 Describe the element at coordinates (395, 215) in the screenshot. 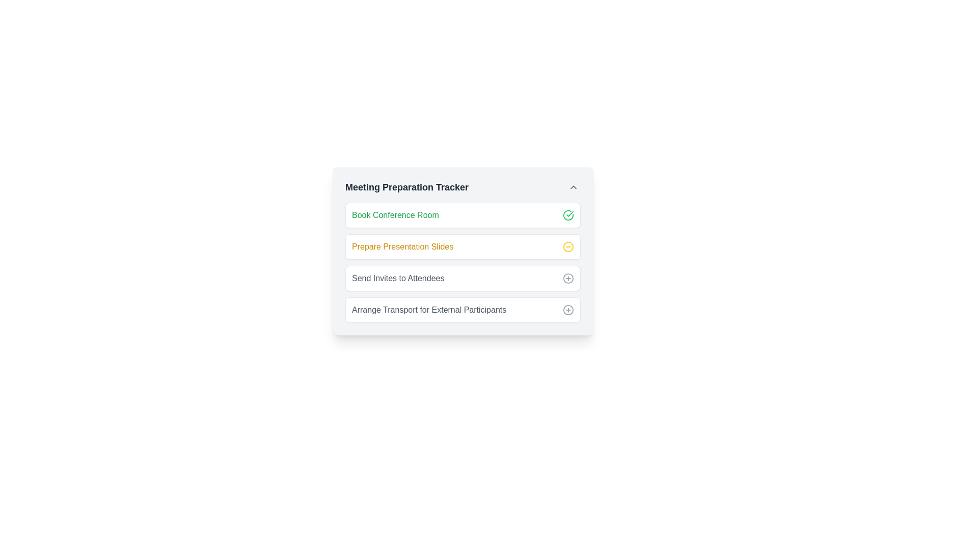

I see `the text label 'Book Conference Room' located in the task list under 'Meeting Preparation Tracker'` at that location.